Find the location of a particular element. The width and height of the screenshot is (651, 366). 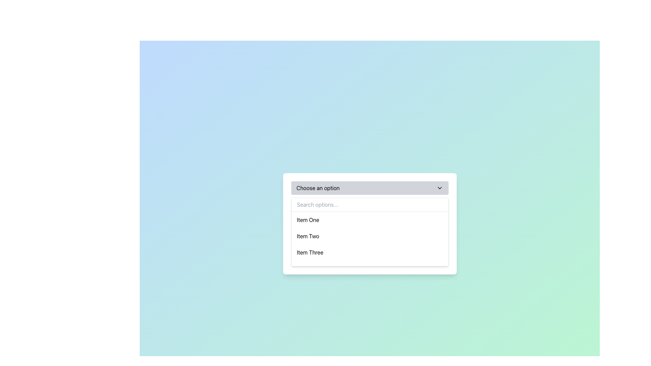

the text label representing the selectable option 'Item Three' in the dropdown list beneath 'Search options...' is located at coordinates (310, 252).